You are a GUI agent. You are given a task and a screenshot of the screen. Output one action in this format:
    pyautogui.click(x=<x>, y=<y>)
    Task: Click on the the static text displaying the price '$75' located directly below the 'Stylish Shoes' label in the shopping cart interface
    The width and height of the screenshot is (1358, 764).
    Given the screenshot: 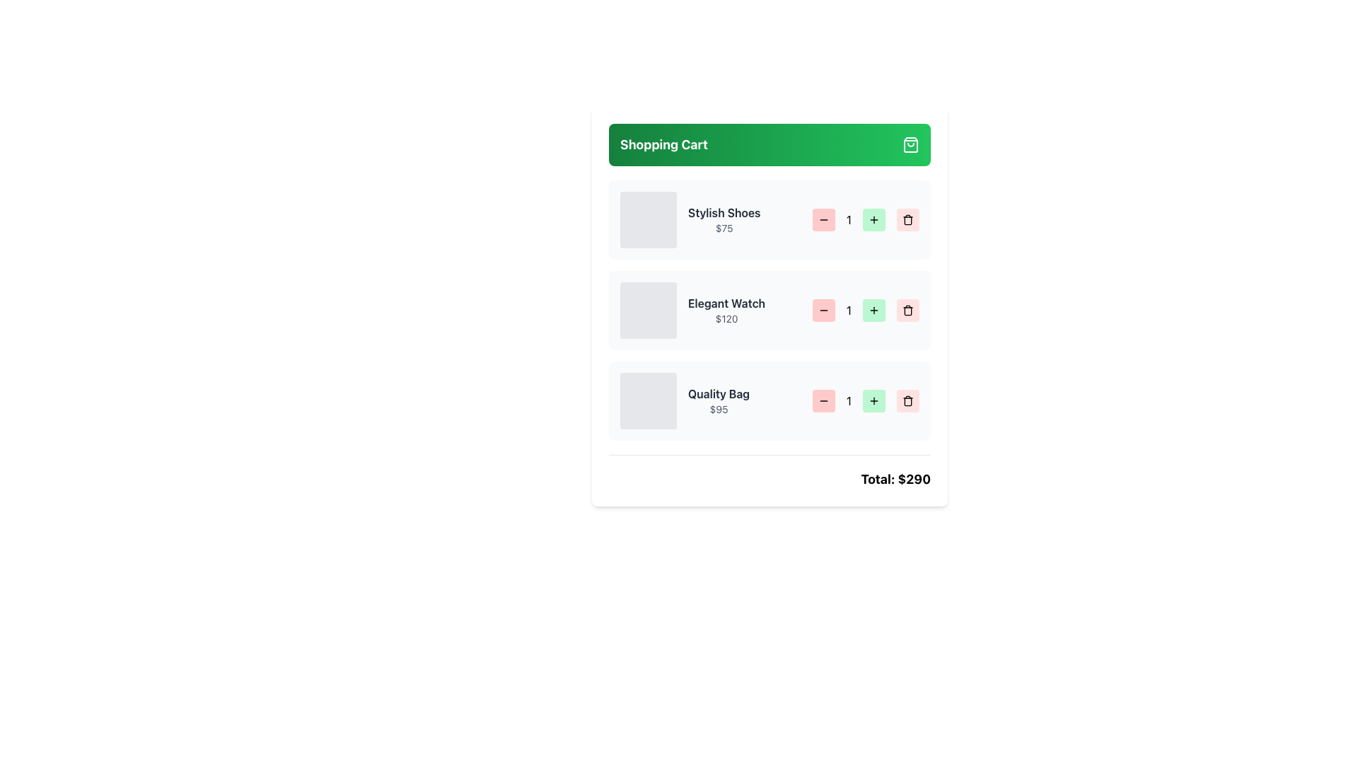 What is the action you would take?
    pyautogui.click(x=724, y=228)
    